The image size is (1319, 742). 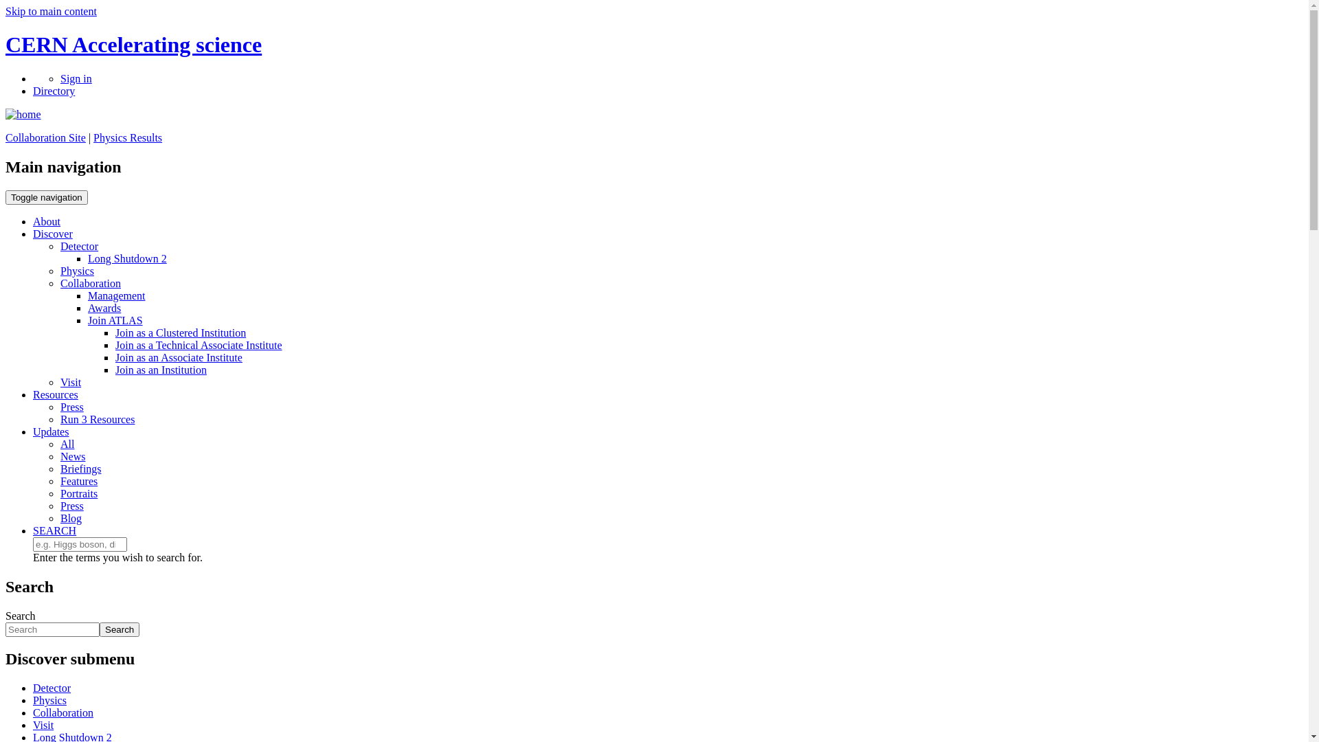 I want to click on 'Visit', so click(x=69, y=382).